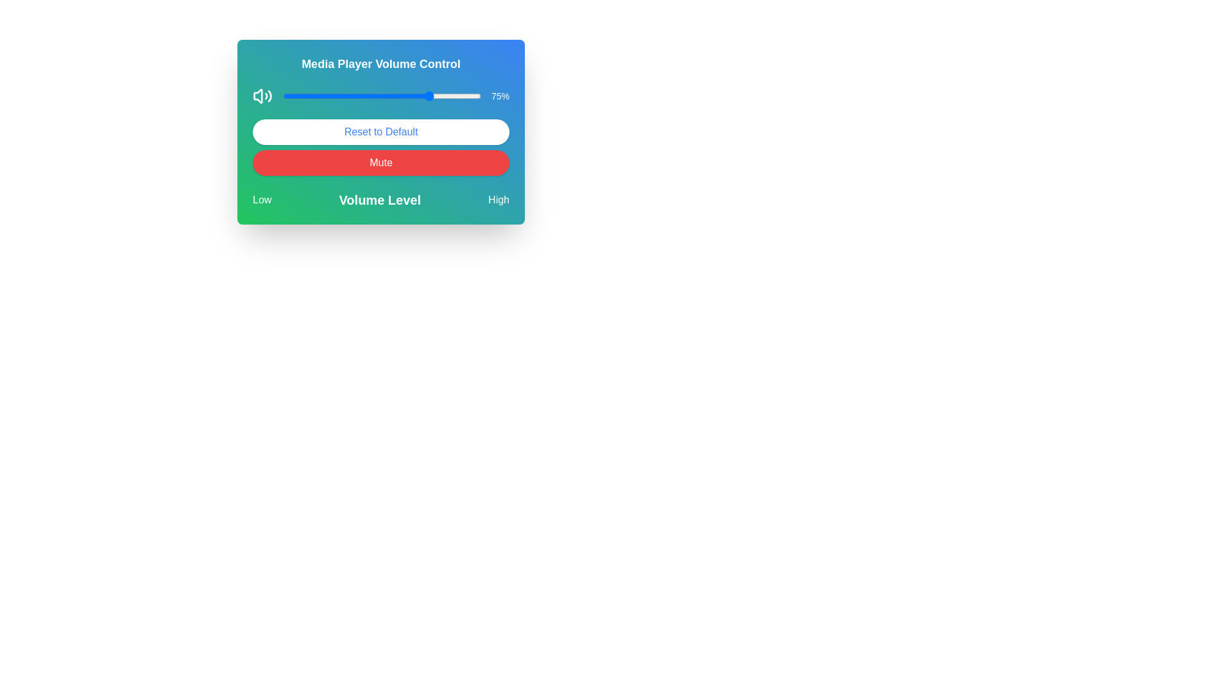 The height and width of the screenshot is (693, 1232). I want to click on the slider thumb of the horizontal slider component, which has a white background and rounded corners, so click(381, 96).